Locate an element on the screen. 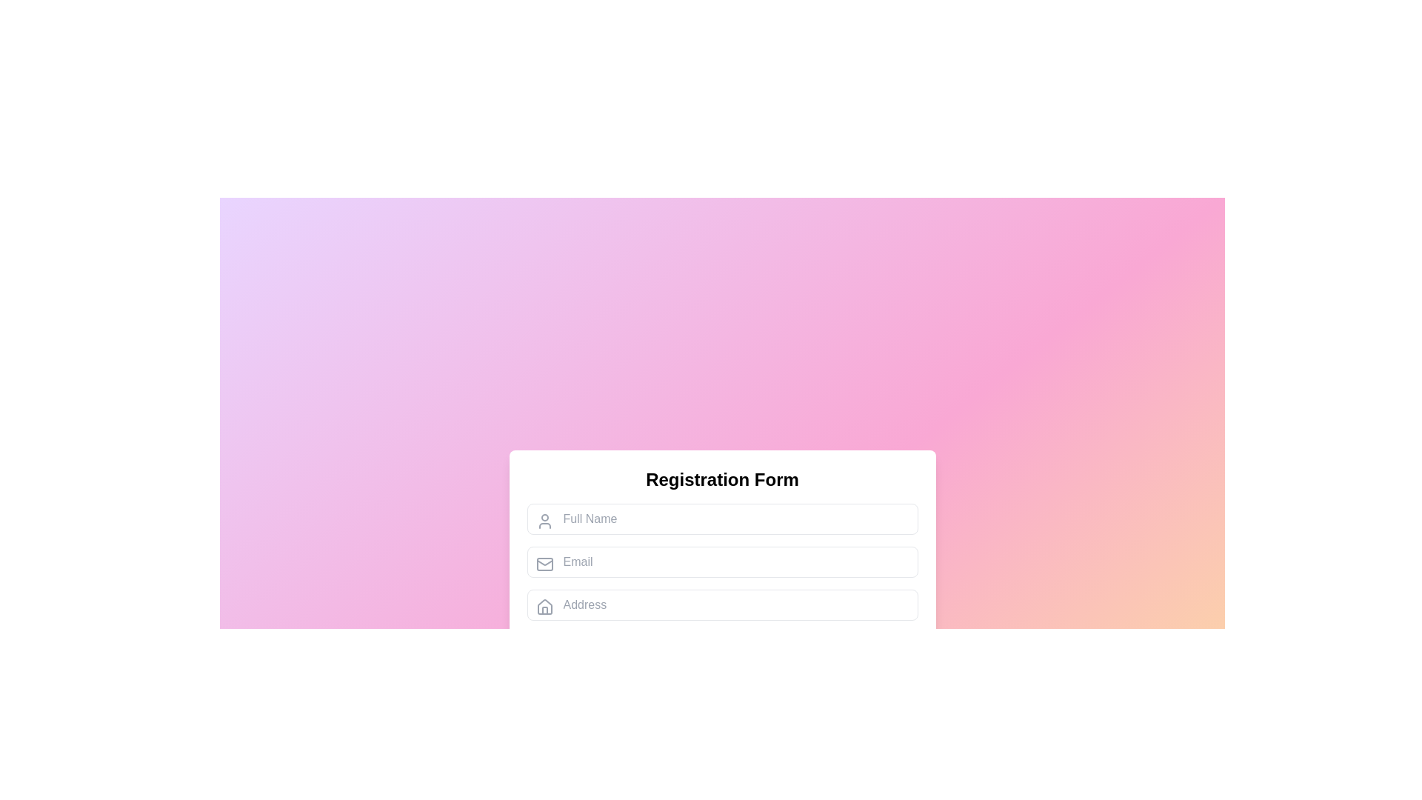 The image size is (1422, 800). the small house-shaped icon with a gray stroke color located at the far-left side of the address input field is located at coordinates (544, 607).